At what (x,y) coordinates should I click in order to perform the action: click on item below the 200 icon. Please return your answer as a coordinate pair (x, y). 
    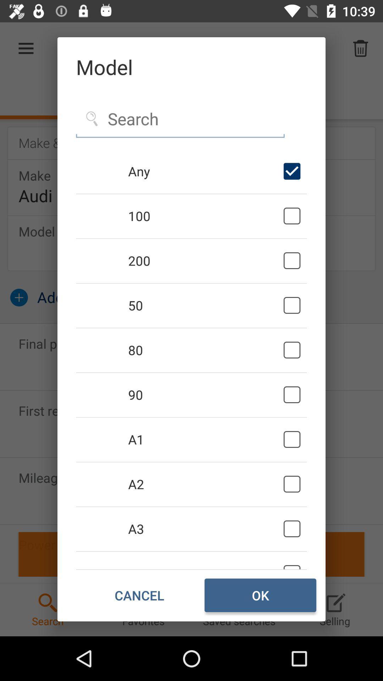
    Looking at the image, I should click on (204, 305).